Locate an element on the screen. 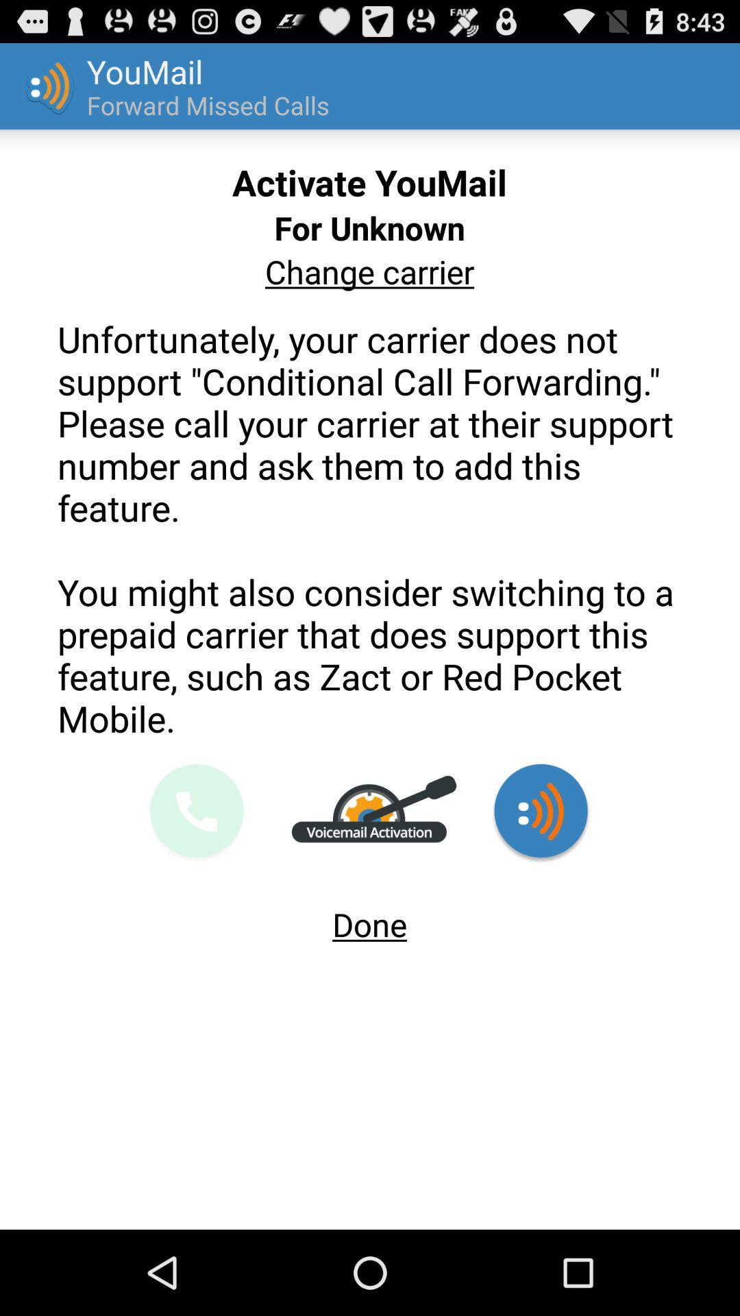 The width and height of the screenshot is (740, 1316). change carrier is located at coordinates (369, 271).